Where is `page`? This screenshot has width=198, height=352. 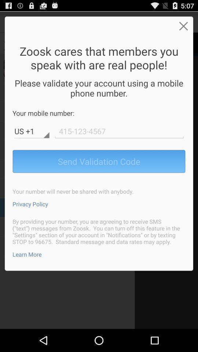 page is located at coordinates (183, 26).